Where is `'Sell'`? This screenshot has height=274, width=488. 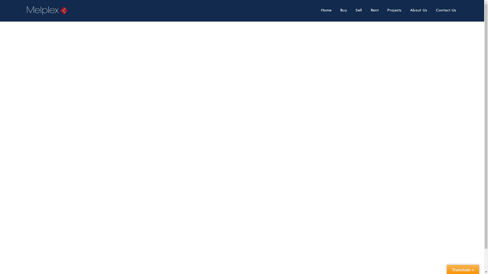 'Sell' is located at coordinates (351, 10).